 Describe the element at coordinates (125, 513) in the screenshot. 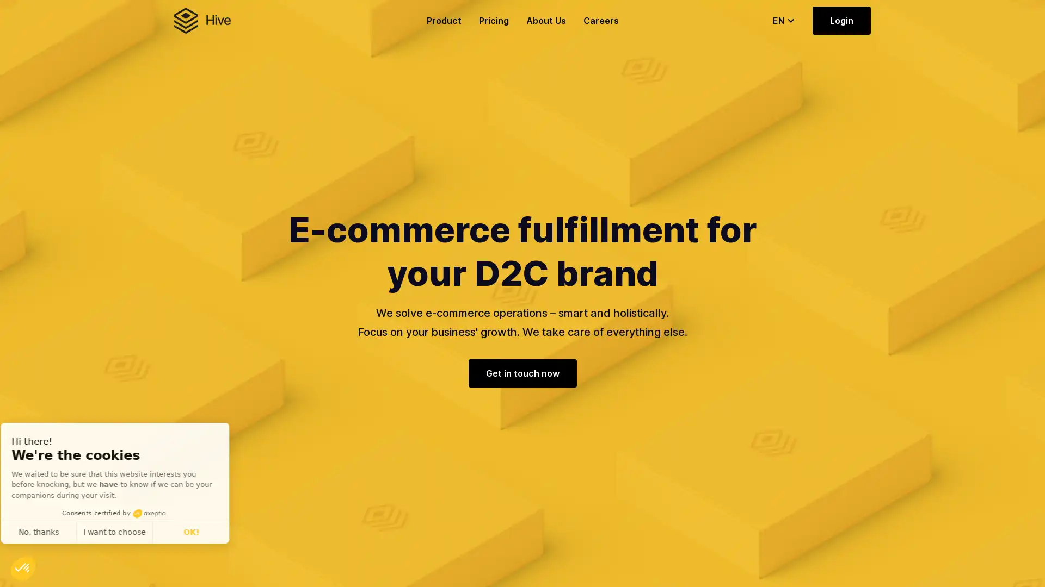

I see `Consents certified by` at that location.